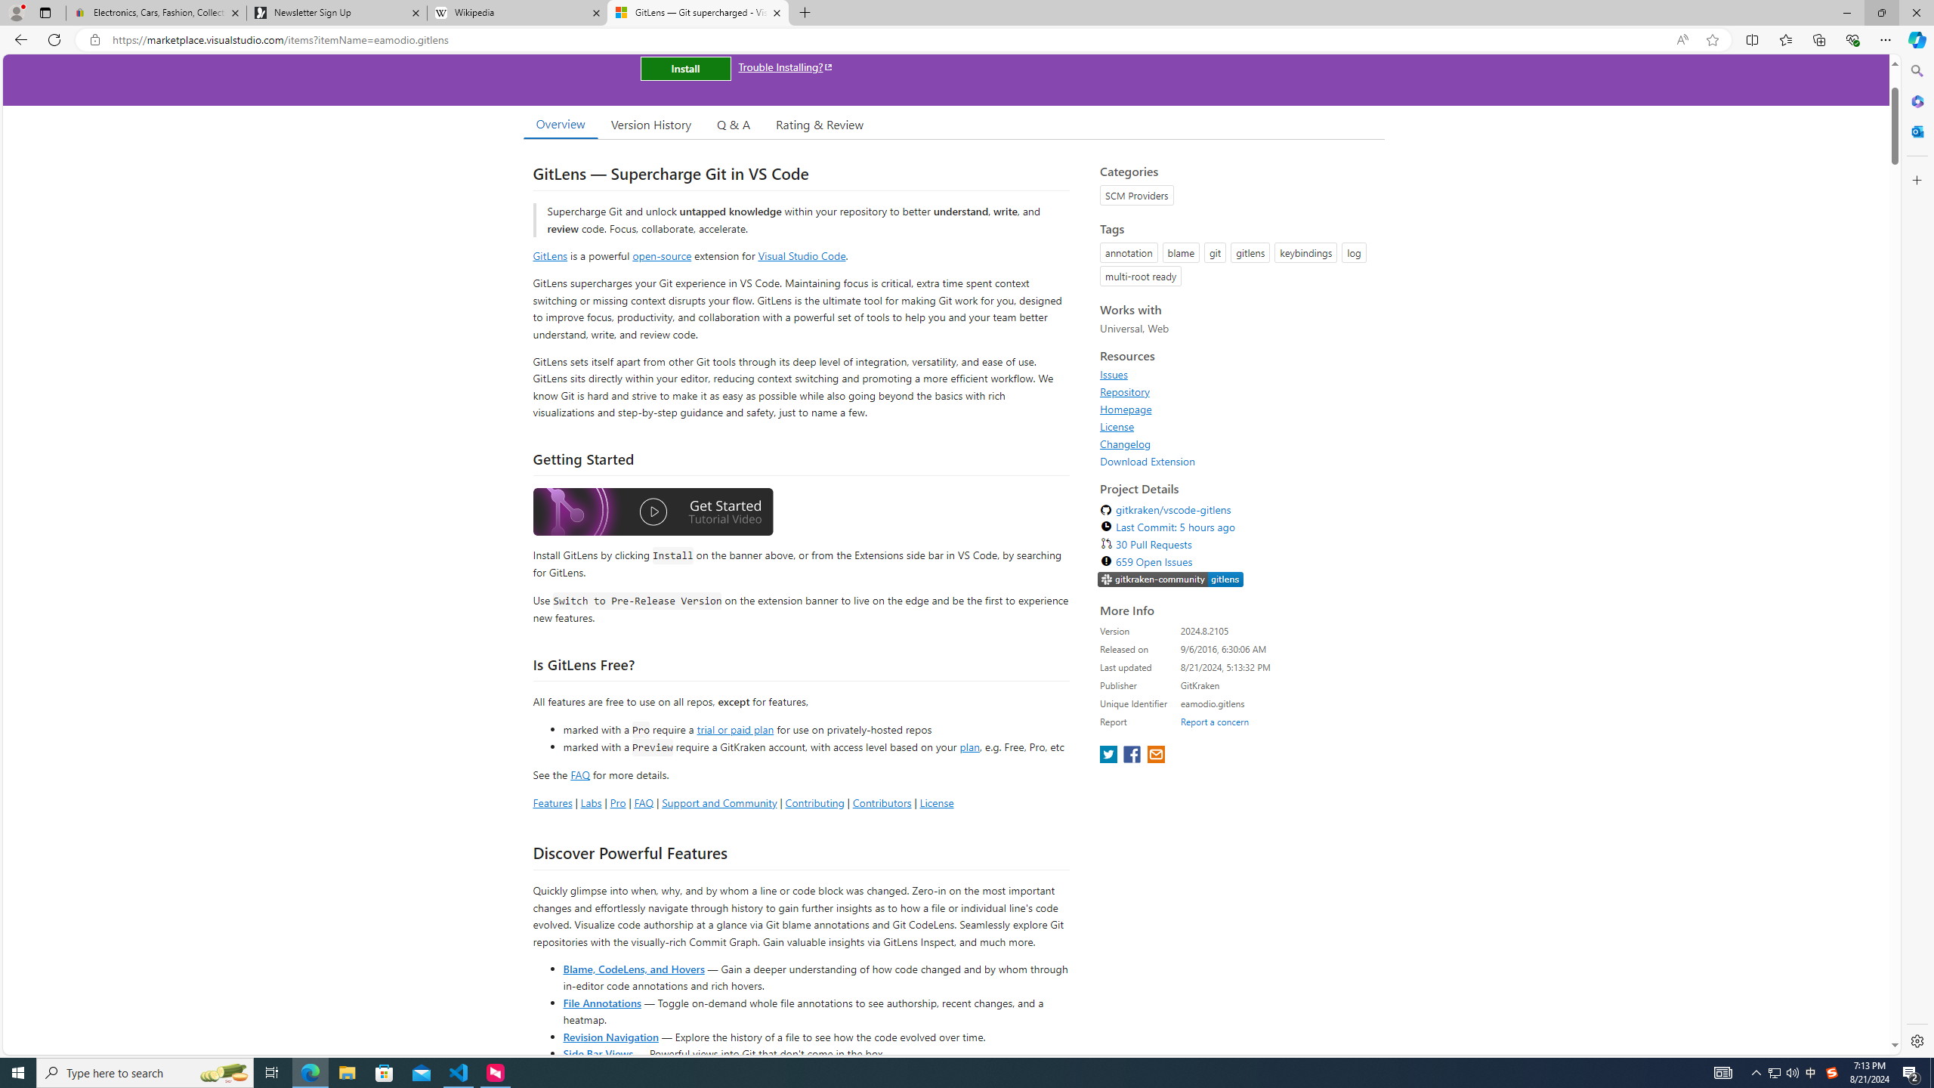  I want to click on 'Q & A', so click(733, 124).